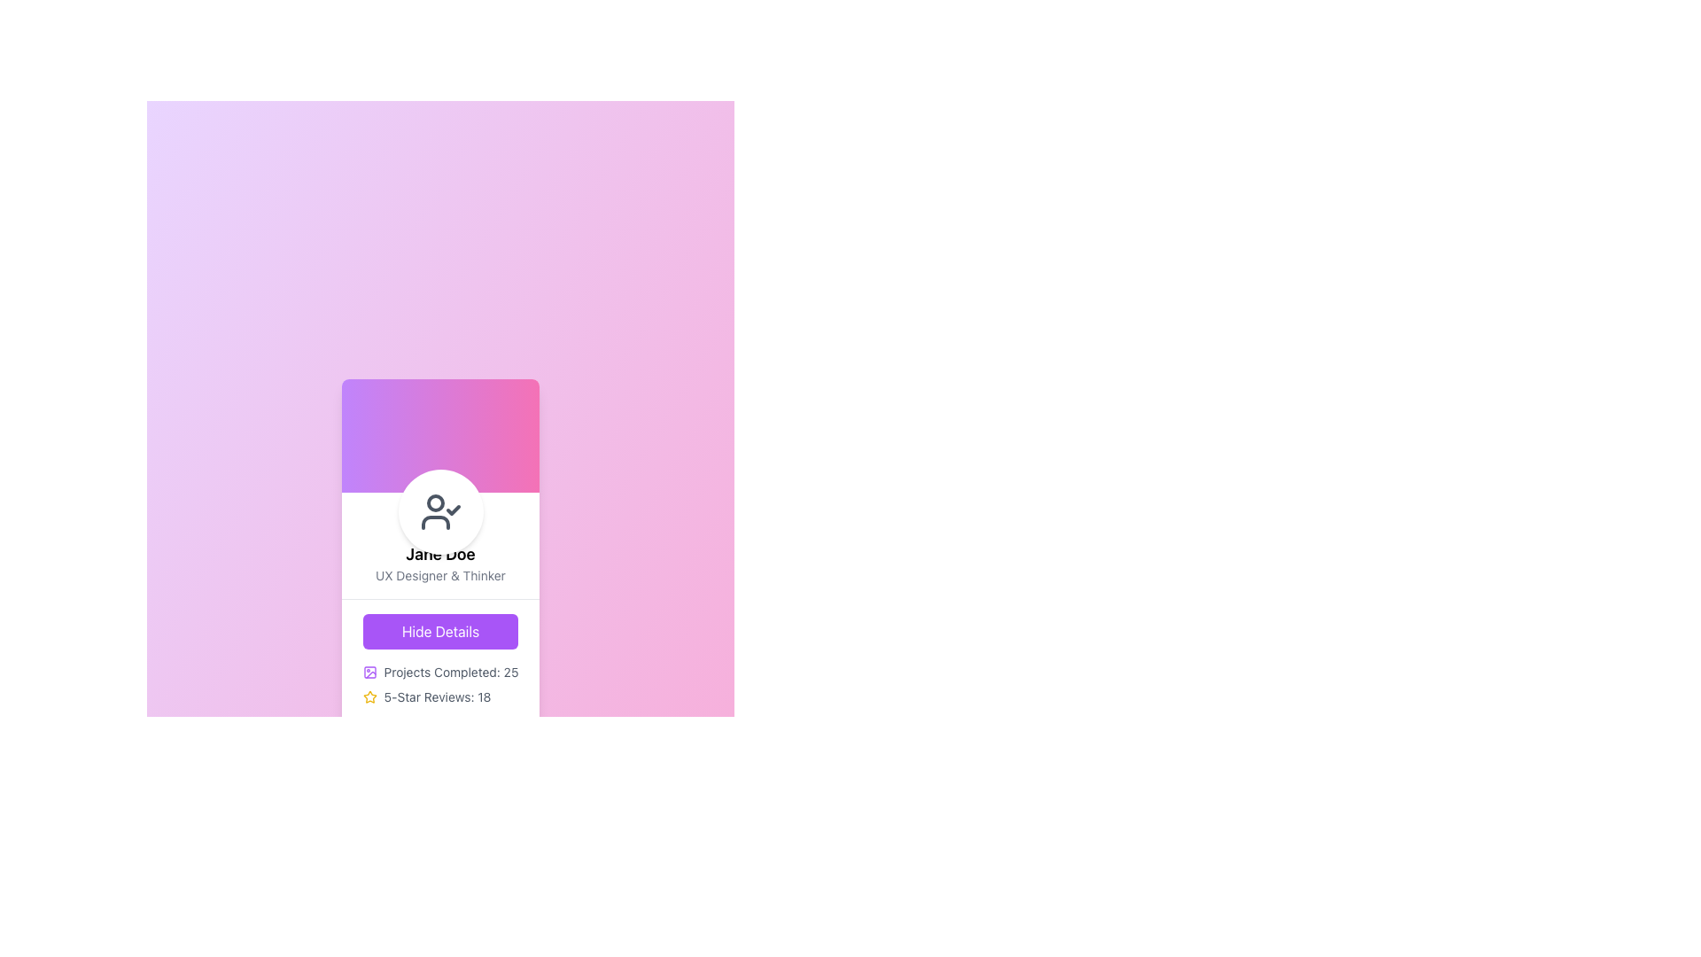  What do you see at coordinates (440, 553) in the screenshot?
I see `the static text label displaying 'Jane Doe', which is styled in a bold, large font and positioned centrally in the card interface above the role description text` at bounding box center [440, 553].